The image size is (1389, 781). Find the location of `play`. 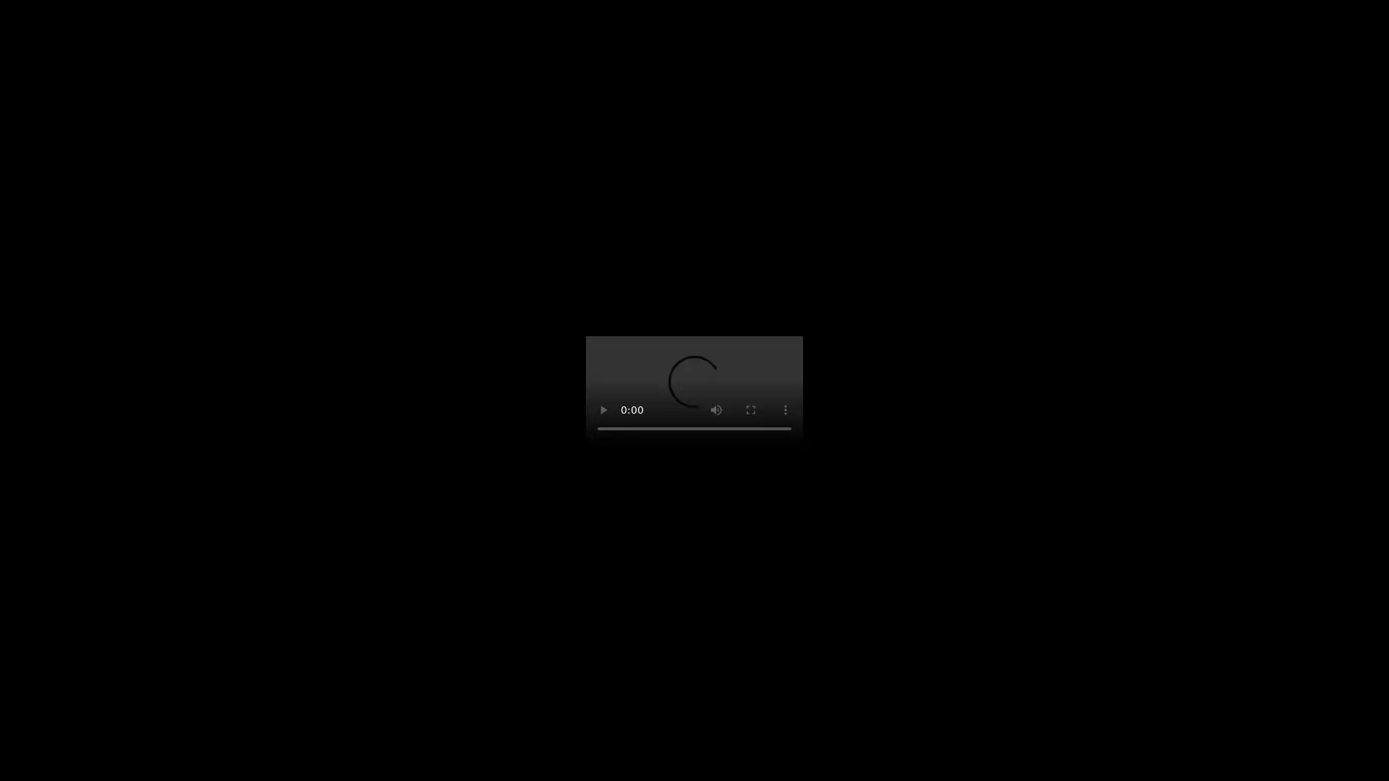

play is located at coordinates (603, 410).